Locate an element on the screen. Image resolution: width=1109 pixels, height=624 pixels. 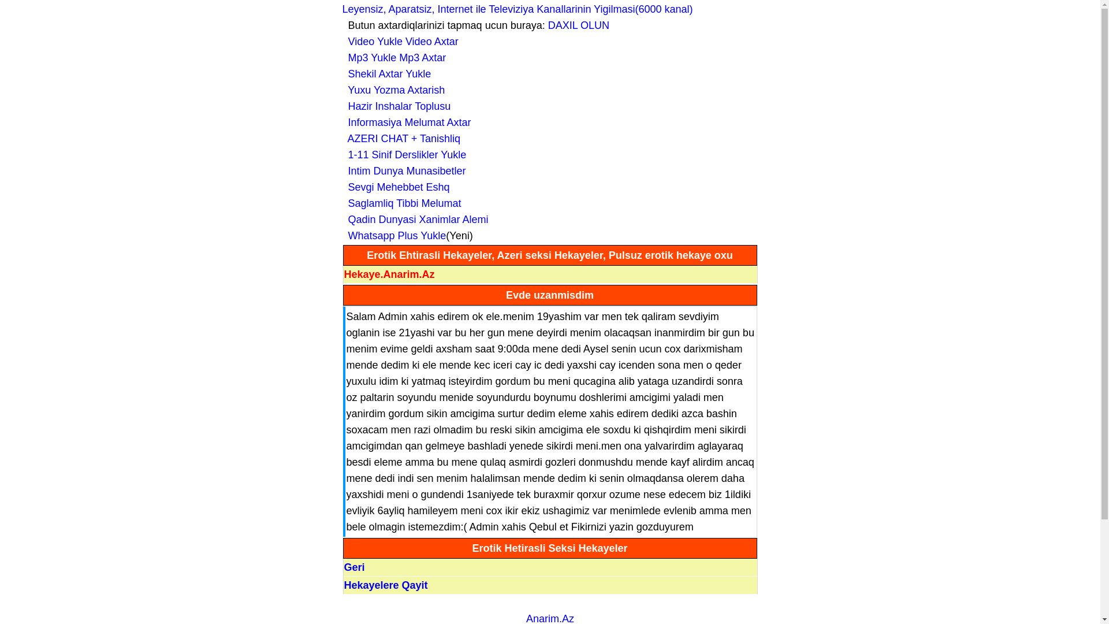
'  Qadin Dunyasi Xanimlar Alemi' is located at coordinates (415, 220).